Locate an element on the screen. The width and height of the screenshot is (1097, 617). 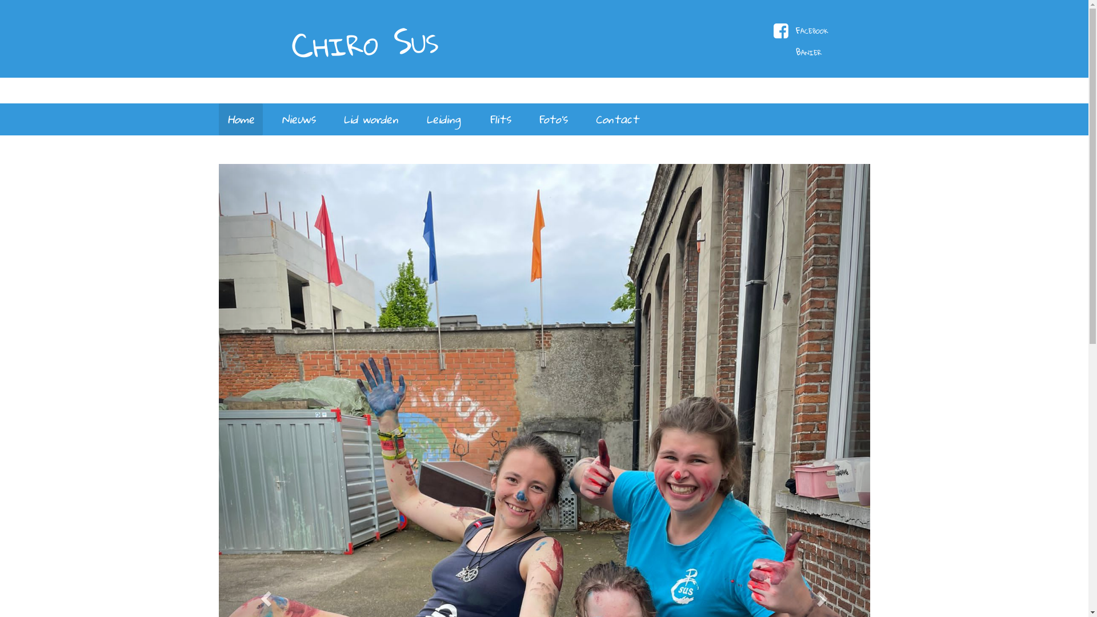
'Home' is located at coordinates (239, 119).